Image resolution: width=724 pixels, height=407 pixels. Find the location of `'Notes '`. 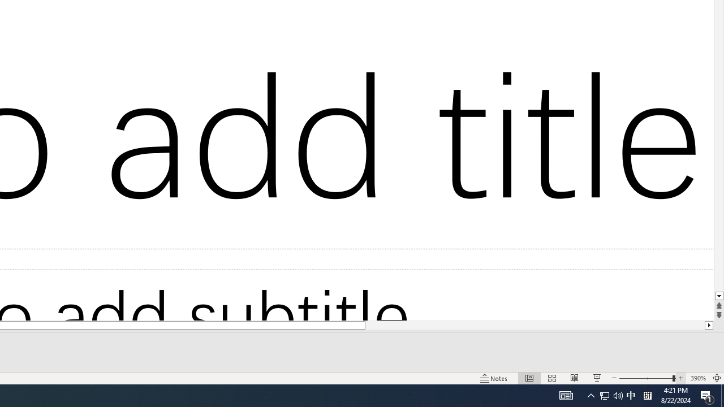

'Notes ' is located at coordinates (494, 378).